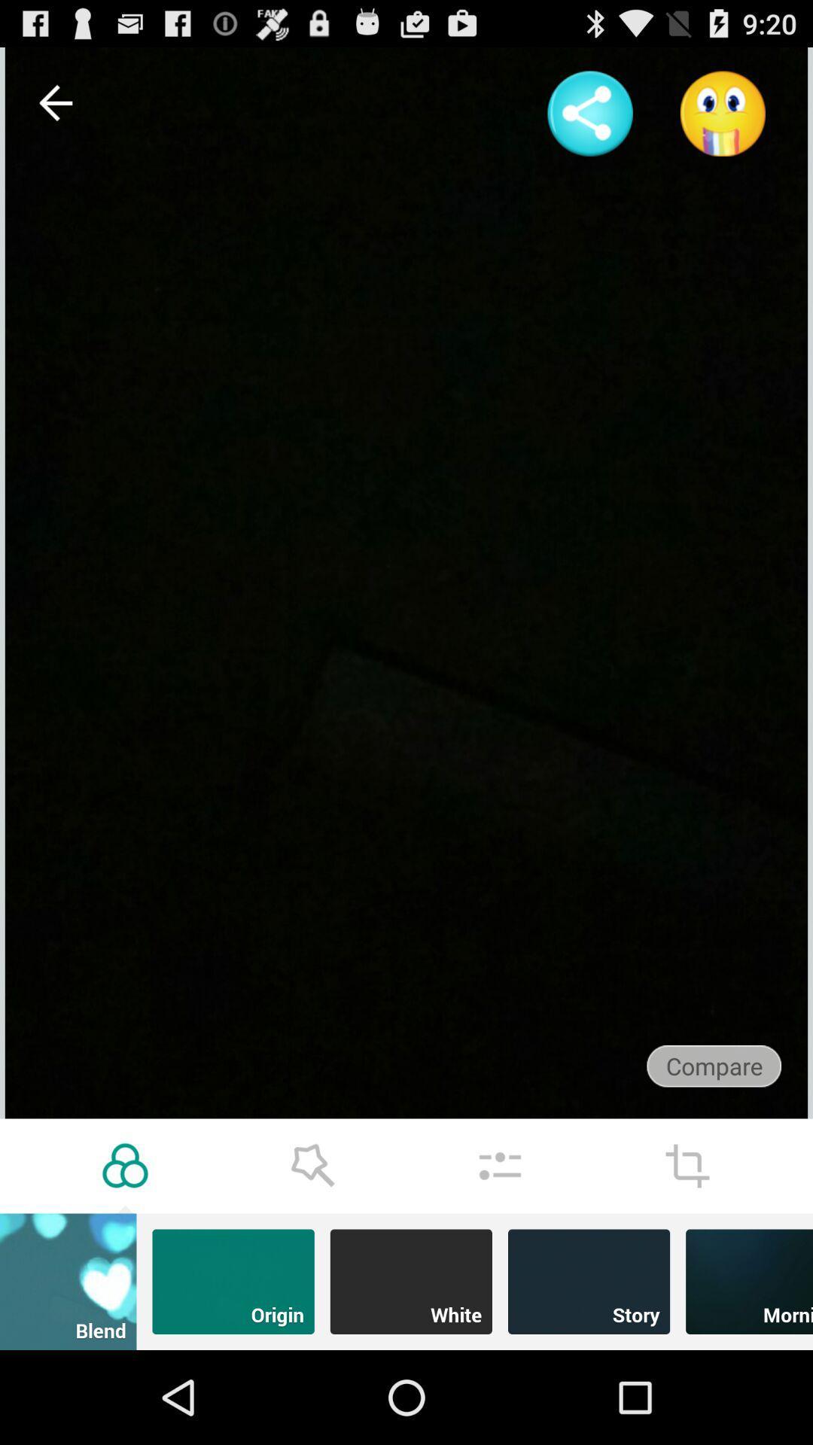 Image resolution: width=813 pixels, height=1445 pixels. What do you see at coordinates (589, 121) in the screenshot?
I see `the share icon` at bounding box center [589, 121].